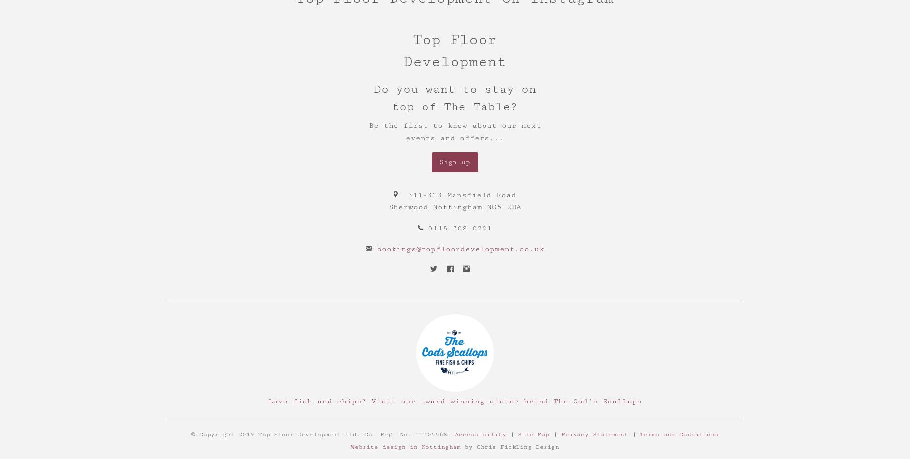 The height and width of the screenshot is (459, 910). What do you see at coordinates (405, 446) in the screenshot?
I see `'Website design in Nottingham'` at bounding box center [405, 446].